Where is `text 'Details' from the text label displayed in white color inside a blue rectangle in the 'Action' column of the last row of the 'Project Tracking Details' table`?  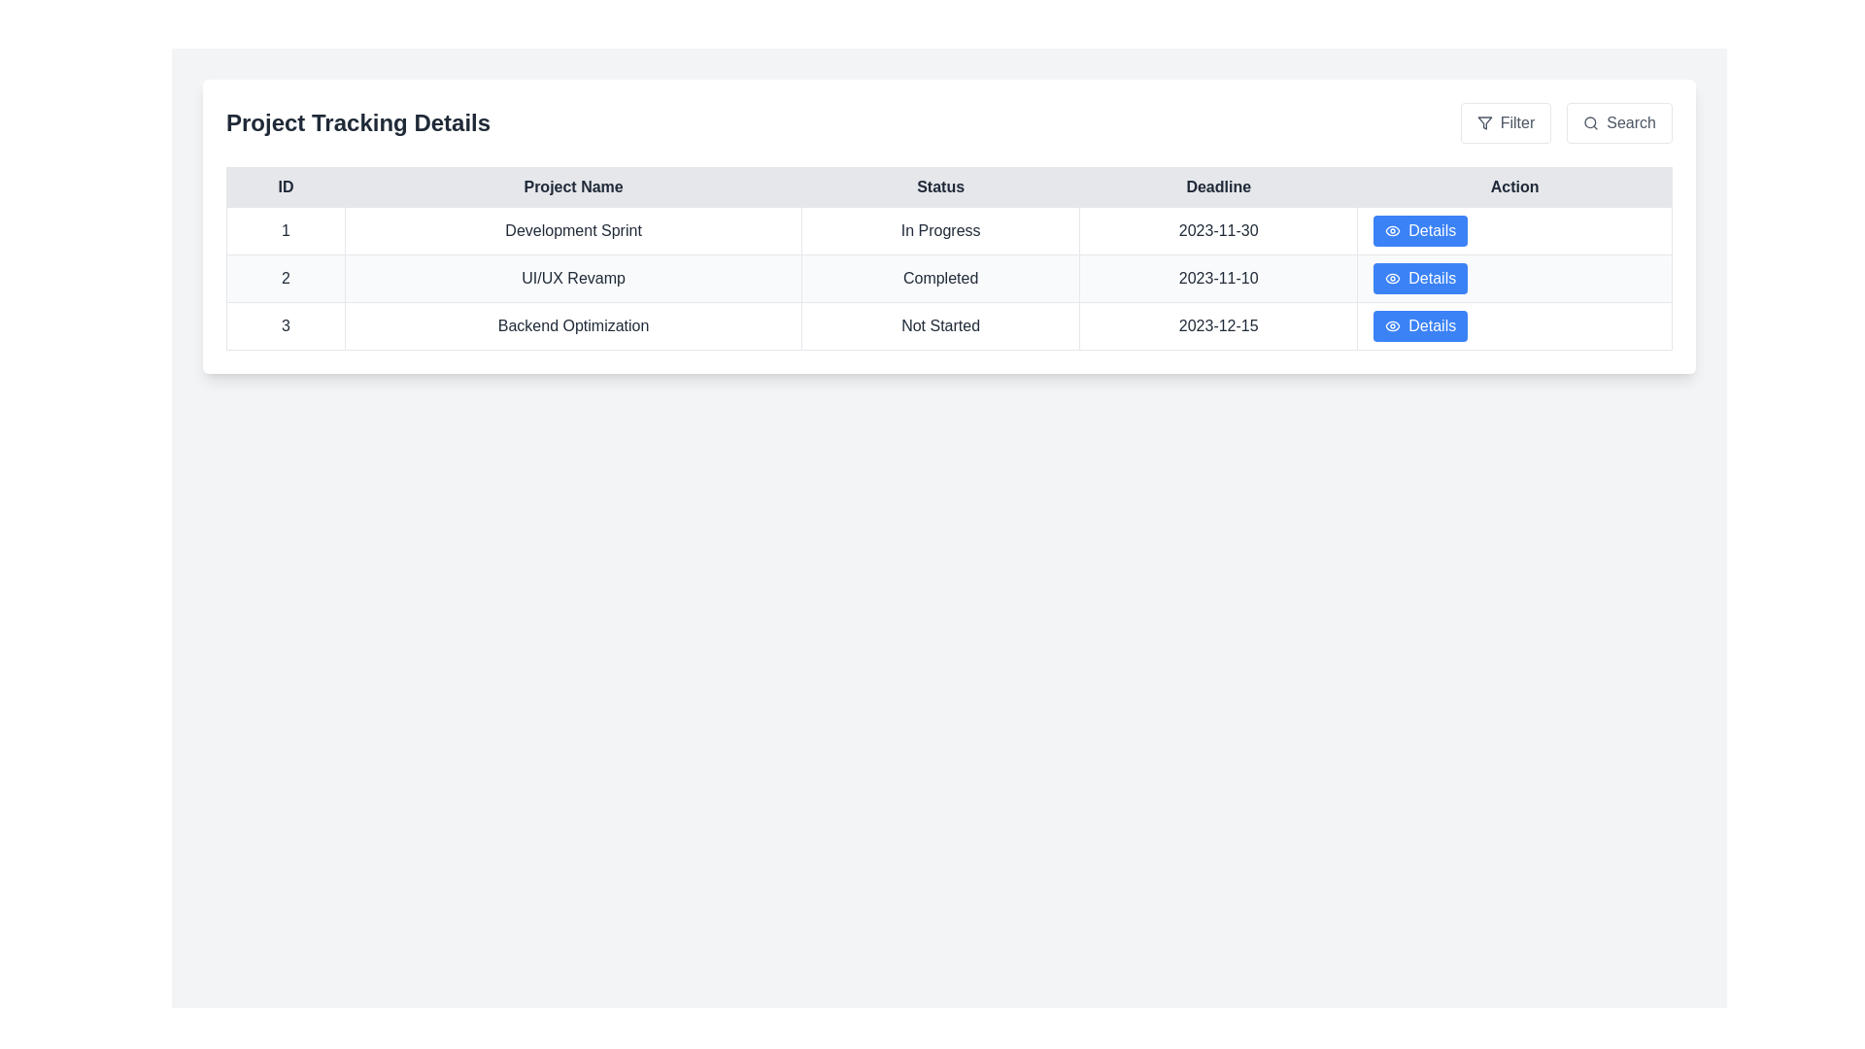
text 'Details' from the text label displayed in white color inside a blue rectangle in the 'Action' column of the last row of the 'Project Tracking Details' table is located at coordinates (1432, 324).